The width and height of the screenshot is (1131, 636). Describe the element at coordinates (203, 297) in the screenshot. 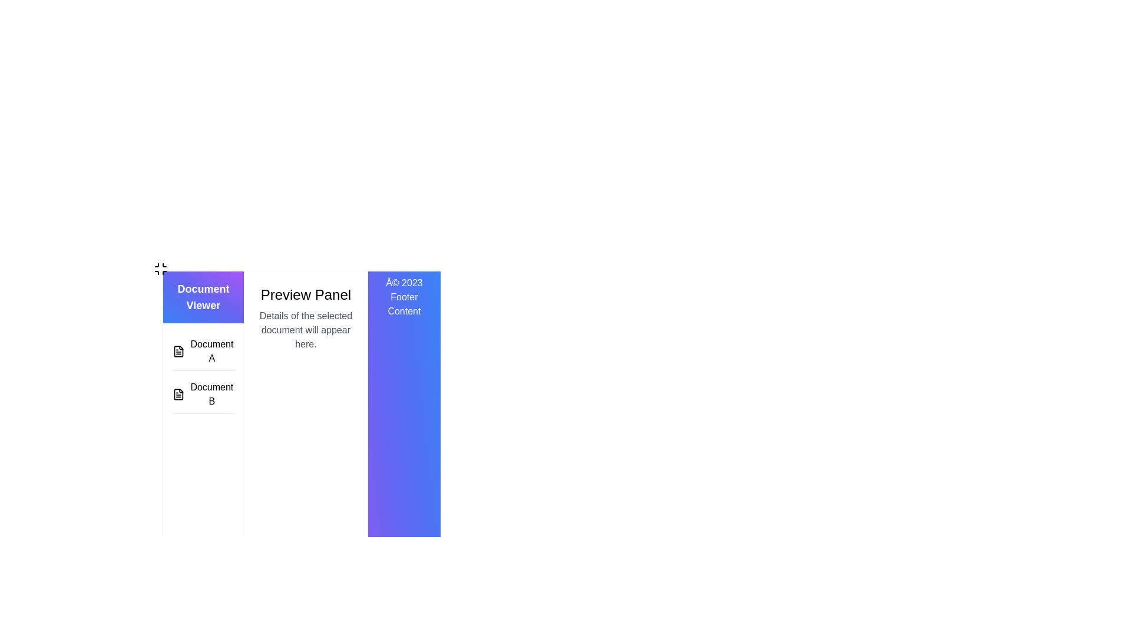

I see `the Header or Panel Title located at the top of the sidebar panel on the left side, which indicates its purpose as a viewer for documents` at that location.